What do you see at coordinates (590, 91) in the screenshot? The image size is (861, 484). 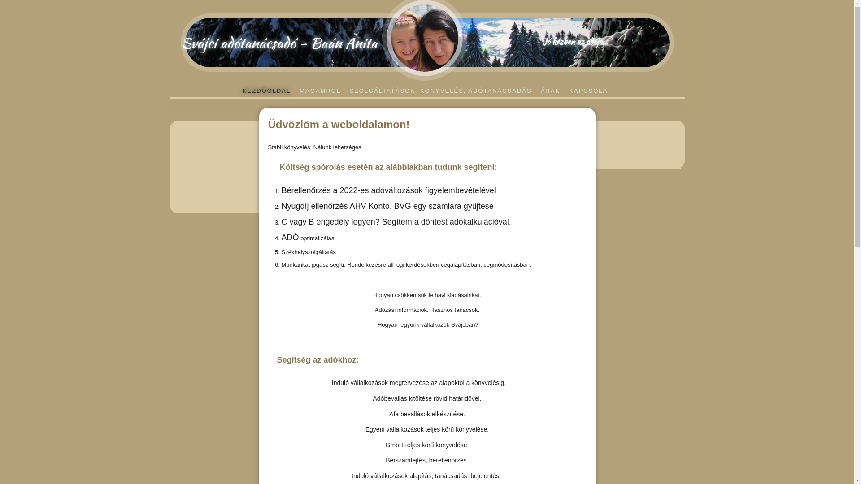 I see `'KAPCSOLAT'` at bounding box center [590, 91].